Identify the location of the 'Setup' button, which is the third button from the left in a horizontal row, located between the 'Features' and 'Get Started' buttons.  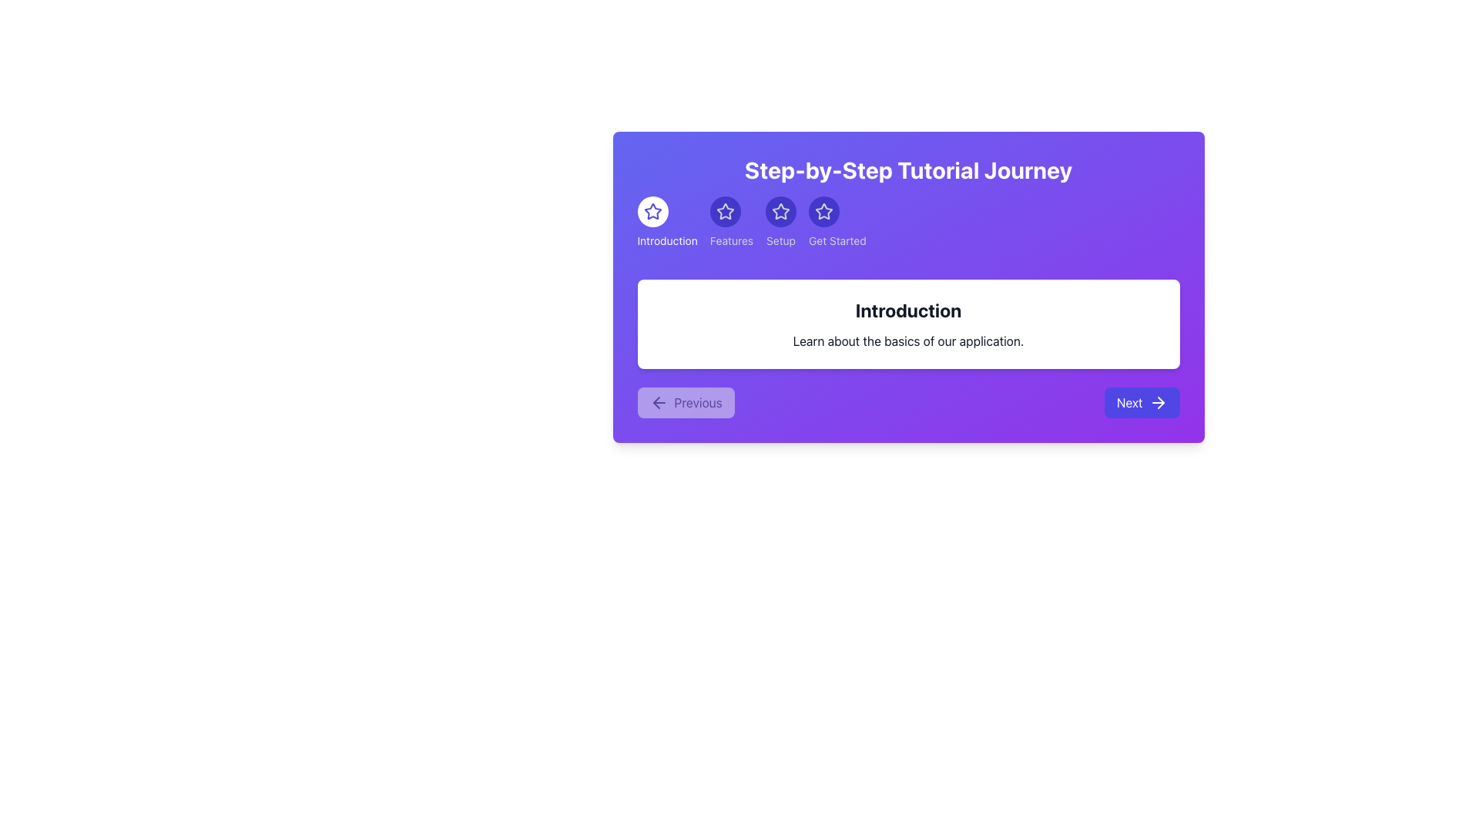
(781, 223).